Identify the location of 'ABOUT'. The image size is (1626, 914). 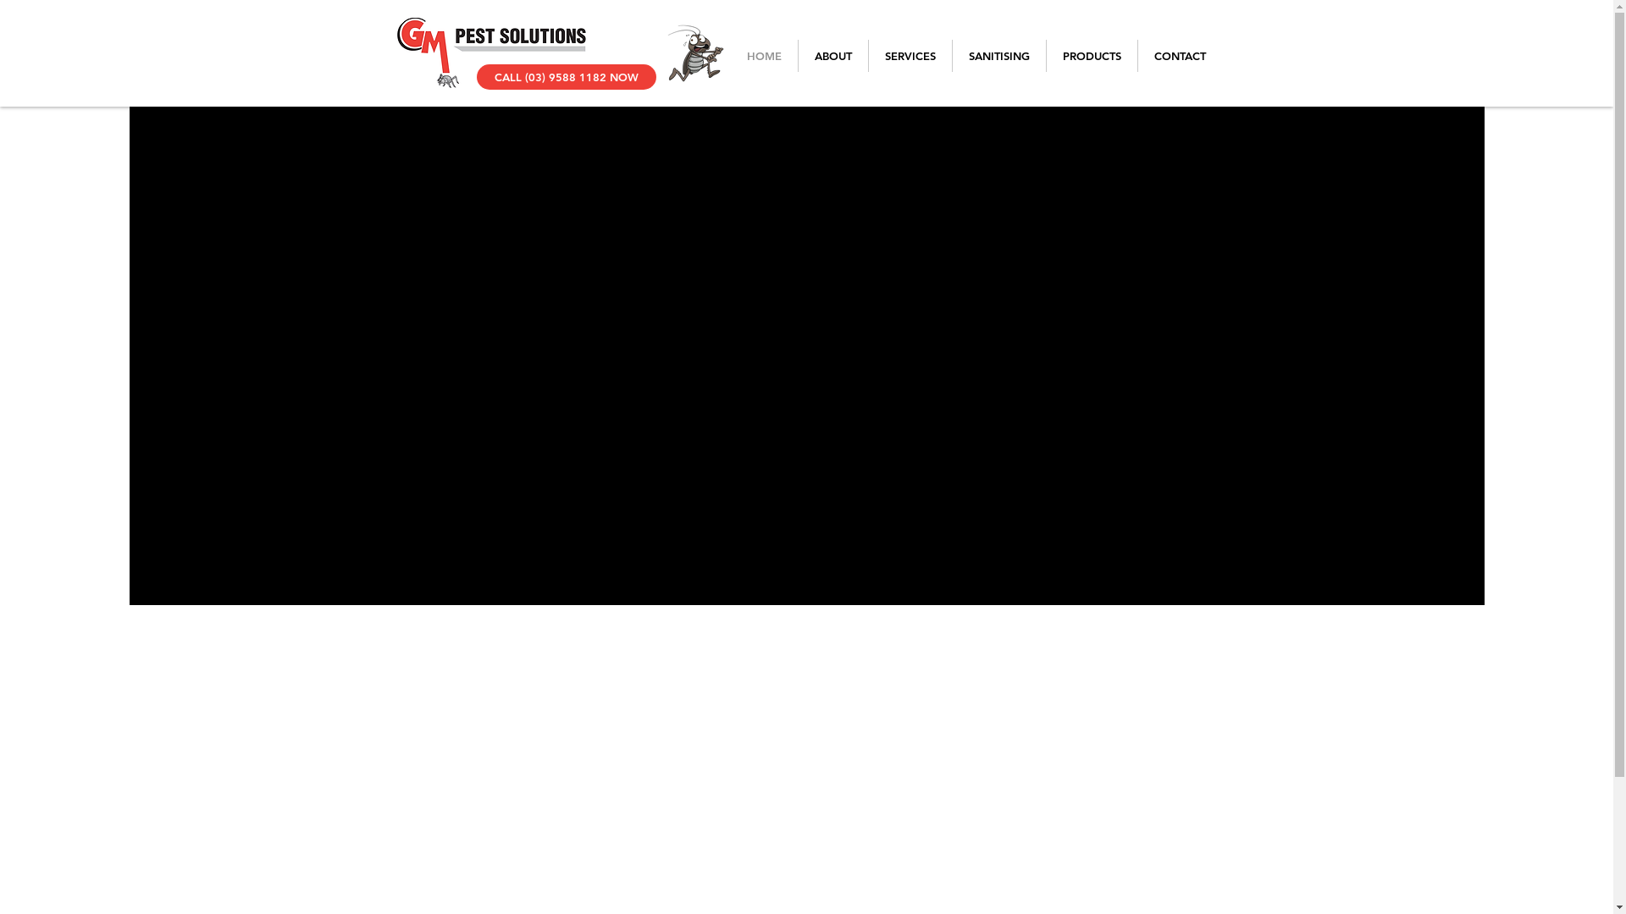
(832, 54).